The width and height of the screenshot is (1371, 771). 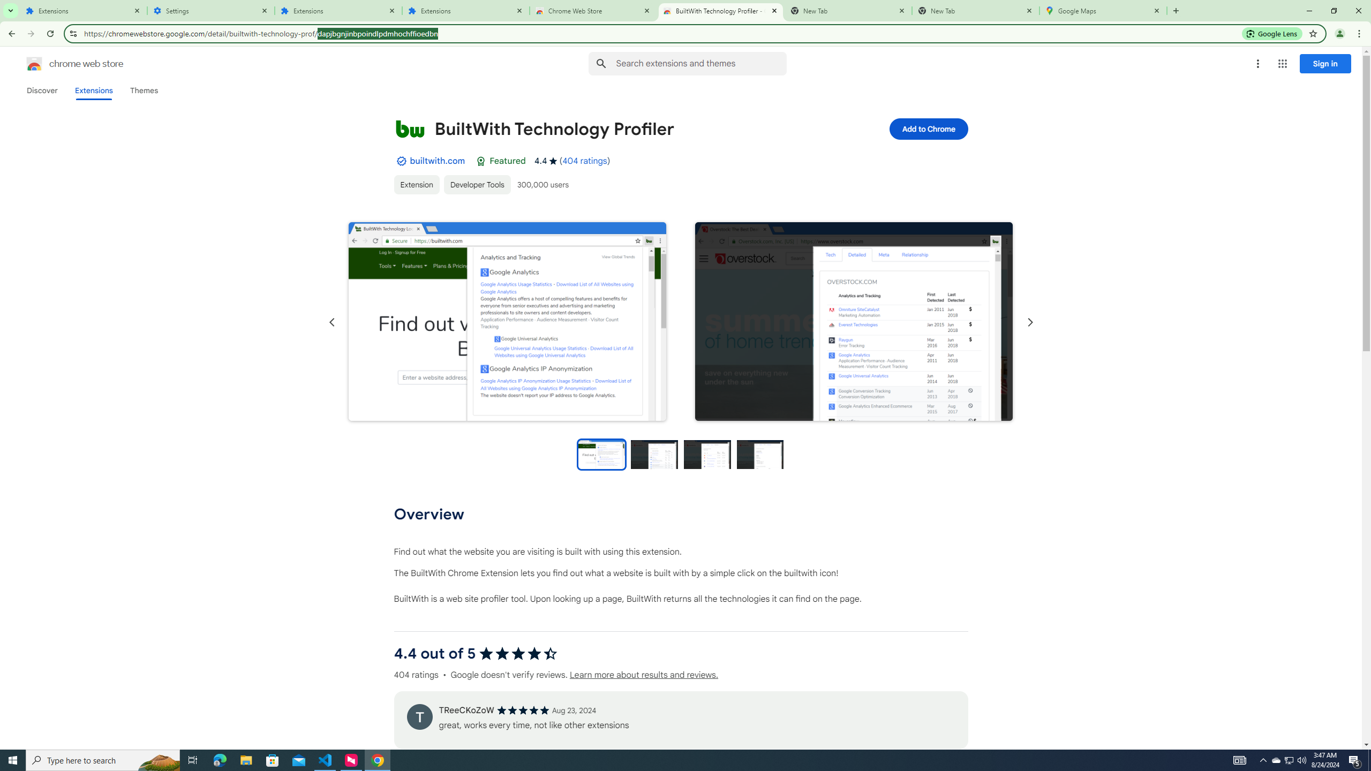 I want to click on 'Bookmark this tab', so click(x=1312, y=33).